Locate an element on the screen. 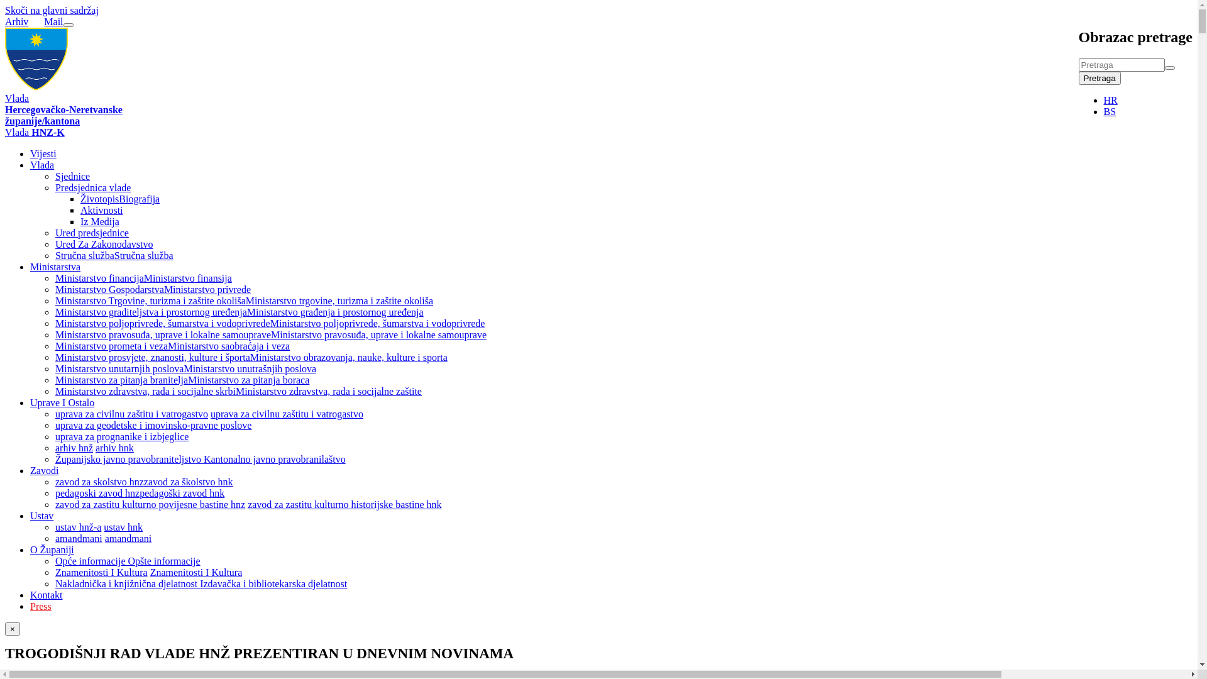 This screenshot has width=1207, height=679. 'Aktivnosti' is located at coordinates (102, 209).